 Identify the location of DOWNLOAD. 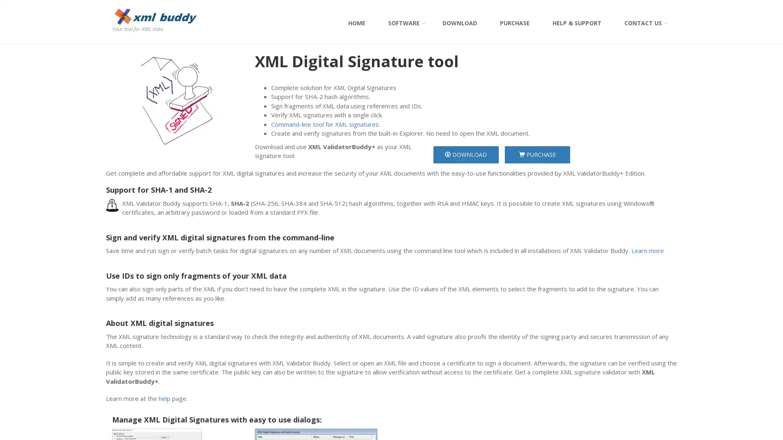
(466, 154).